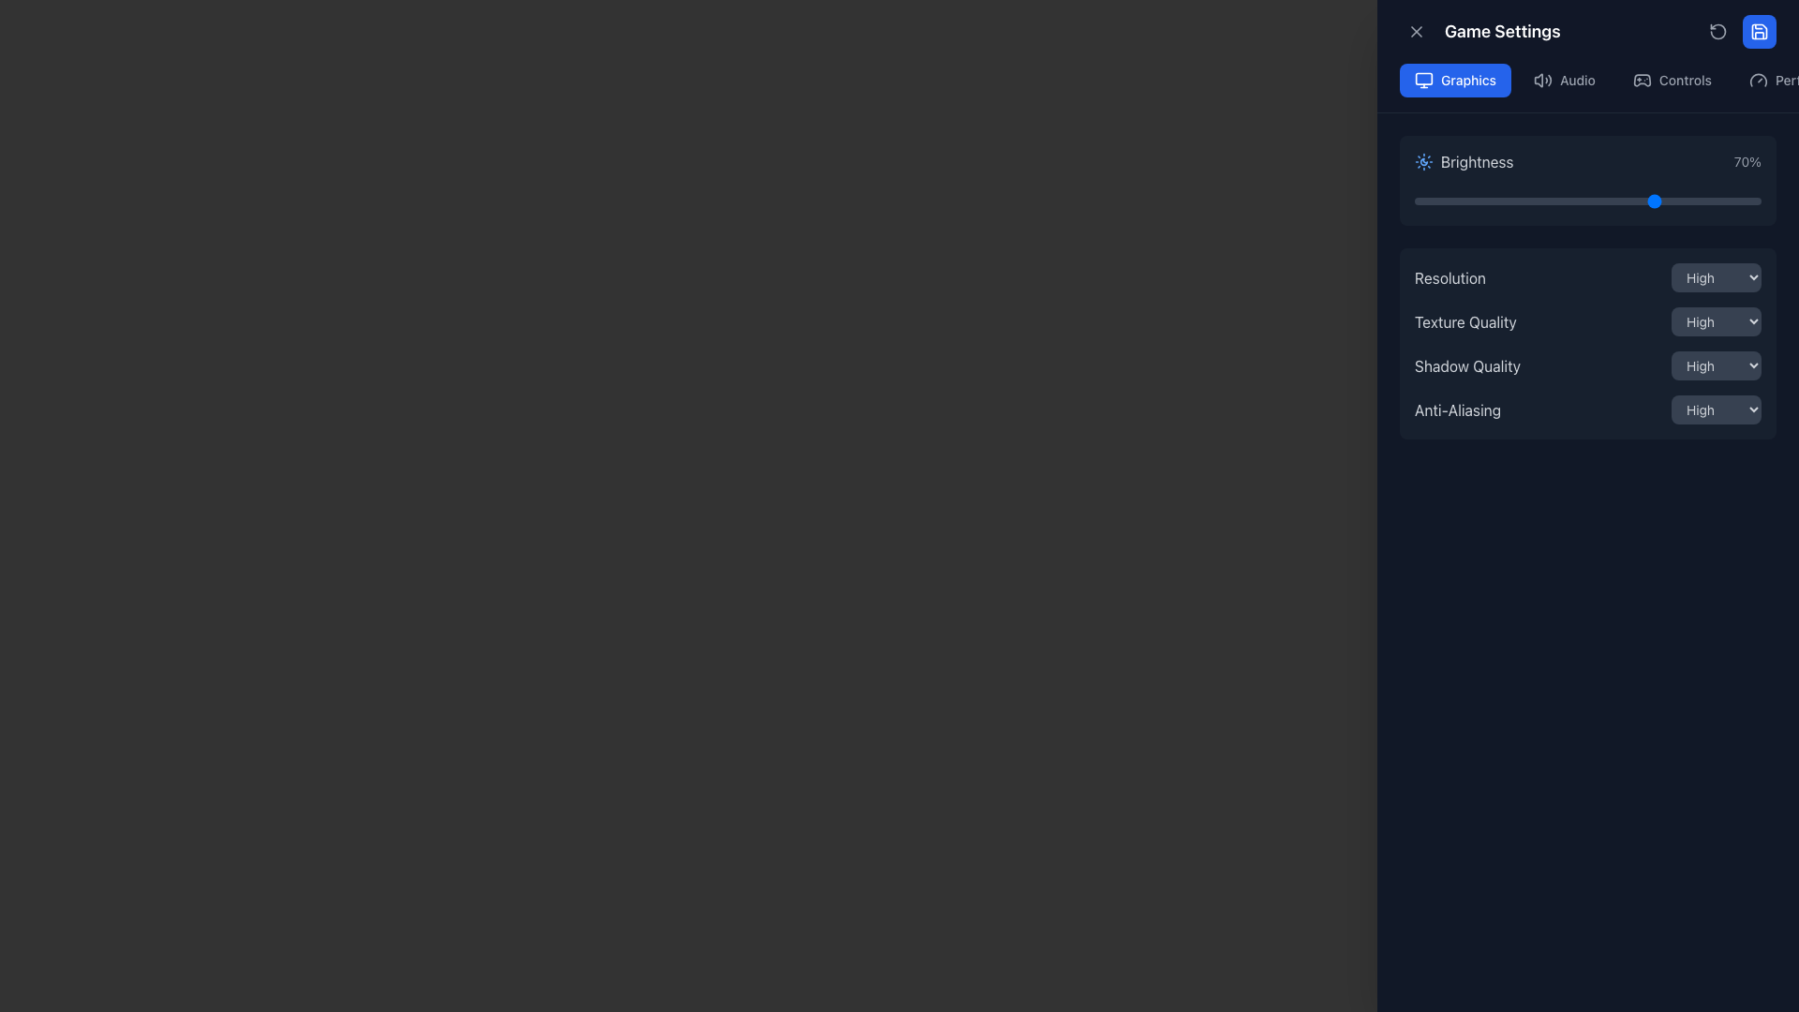 Image resolution: width=1799 pixels, height=1012 pixels. I want to click on the 'Brightness' icon located in the top-left corner of the 'Brightness' section under the 'Graphics' tab, so click(1424, 161).